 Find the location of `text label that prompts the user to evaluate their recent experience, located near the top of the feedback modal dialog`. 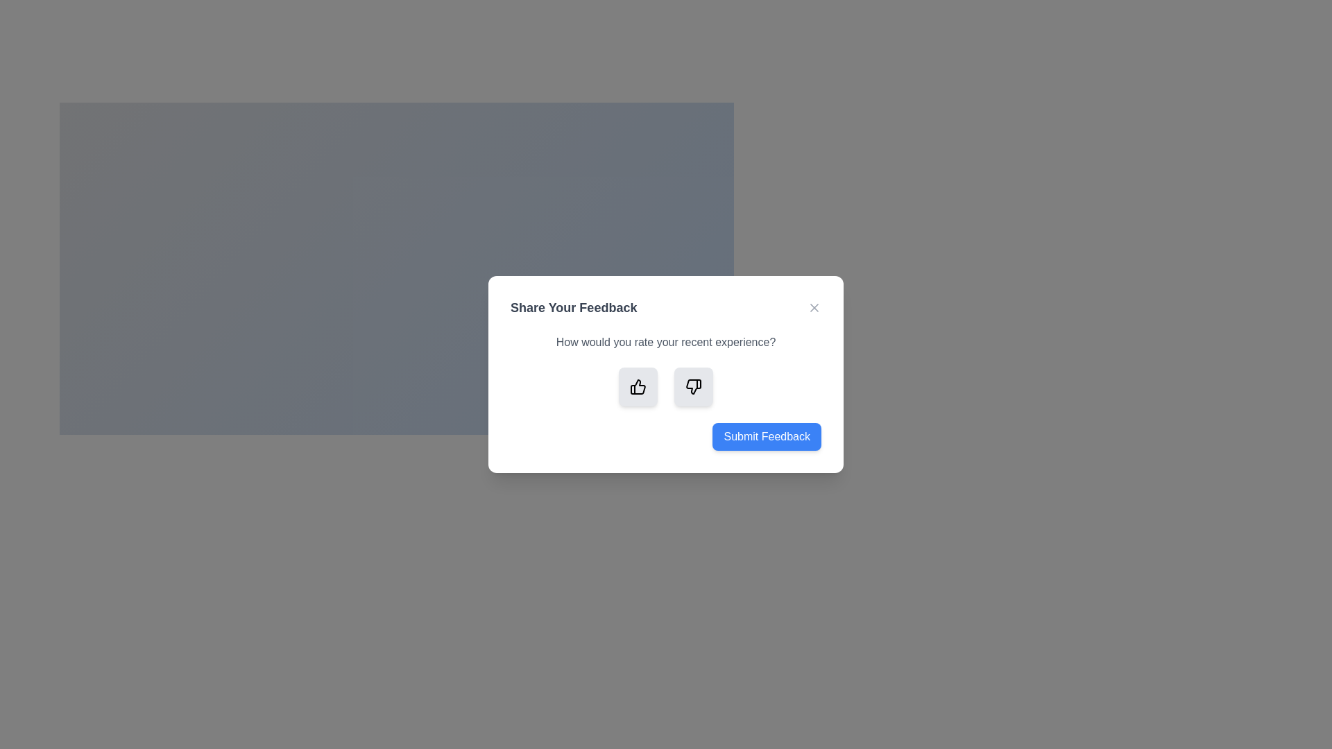

text label that prompts the user to evaluate their recent experience, located near the top of the feedback modal dialog is located at coordinates (666, 342).